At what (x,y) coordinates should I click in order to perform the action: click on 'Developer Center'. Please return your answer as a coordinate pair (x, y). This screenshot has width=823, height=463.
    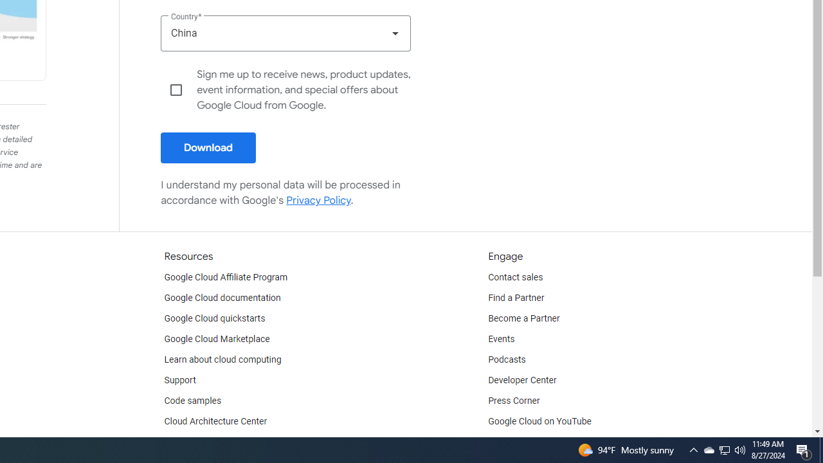
    Looking at the image, I should click on (522, 379).